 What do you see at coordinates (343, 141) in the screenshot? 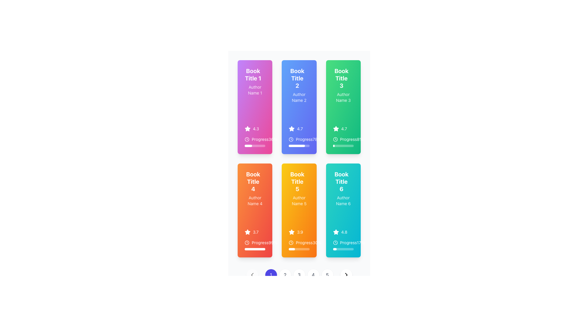
I see `the information display module with a progress indicator labeled 'Progress8%' located in the top right section of the interface within a green card labeled 'Book Title 3' and 'Author Name 3'` at bounding box center [343, 141].